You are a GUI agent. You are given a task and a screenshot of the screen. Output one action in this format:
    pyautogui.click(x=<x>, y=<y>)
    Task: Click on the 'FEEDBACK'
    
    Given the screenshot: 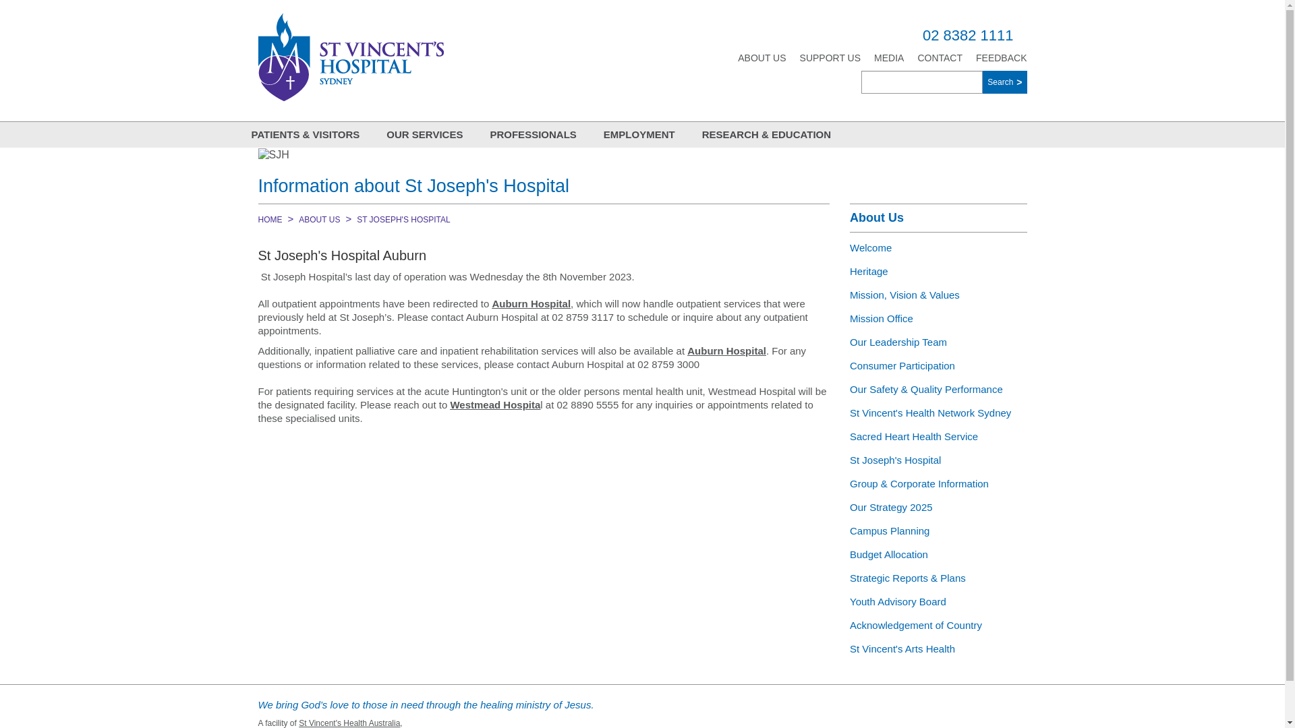 What is the action you would take?
    pyautogui.click(x=1001, y=57)
    